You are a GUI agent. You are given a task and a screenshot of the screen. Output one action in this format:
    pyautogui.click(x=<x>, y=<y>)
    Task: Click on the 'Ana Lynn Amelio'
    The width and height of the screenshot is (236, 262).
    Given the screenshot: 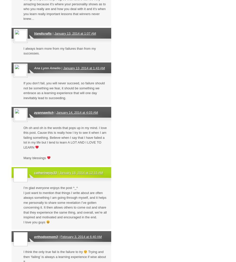 What is the action you would take?
    pyautogui.click(x=47, y=68)
    